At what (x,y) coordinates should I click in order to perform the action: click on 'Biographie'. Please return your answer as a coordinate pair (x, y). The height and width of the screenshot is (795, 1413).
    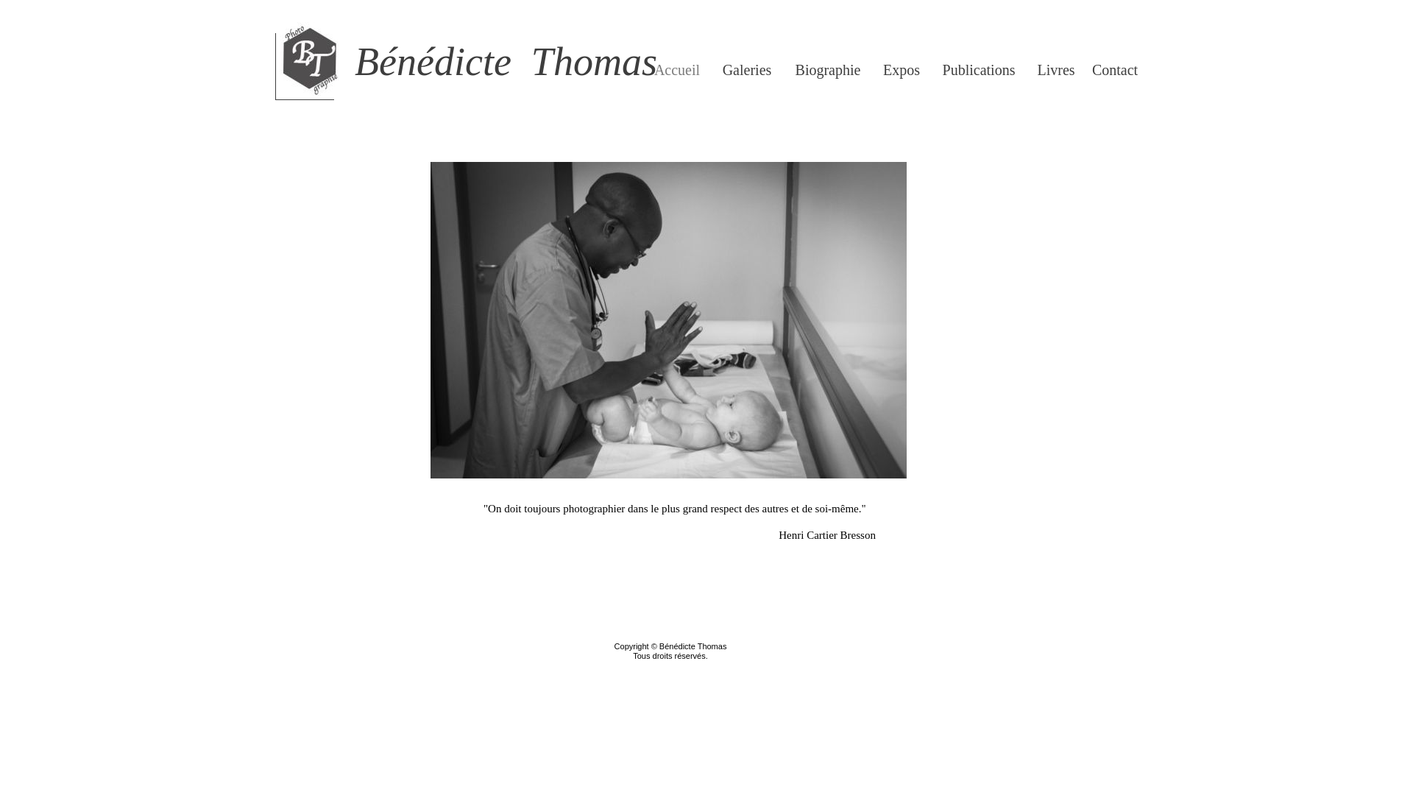
    Looking at the image, I should click on (827, 70).